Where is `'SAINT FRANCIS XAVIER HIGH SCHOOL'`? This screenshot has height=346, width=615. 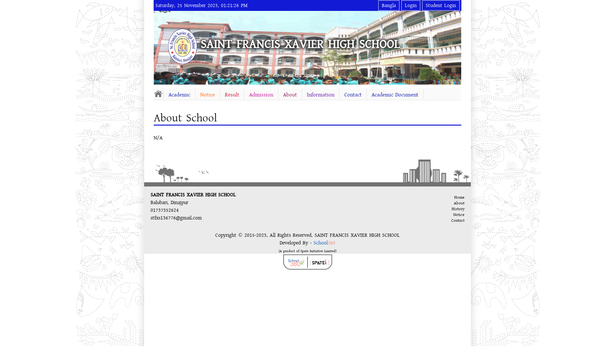 'SAINT FRANCIS XAVIER HIGH SCHOOL' is located at coordinates (299, 44).